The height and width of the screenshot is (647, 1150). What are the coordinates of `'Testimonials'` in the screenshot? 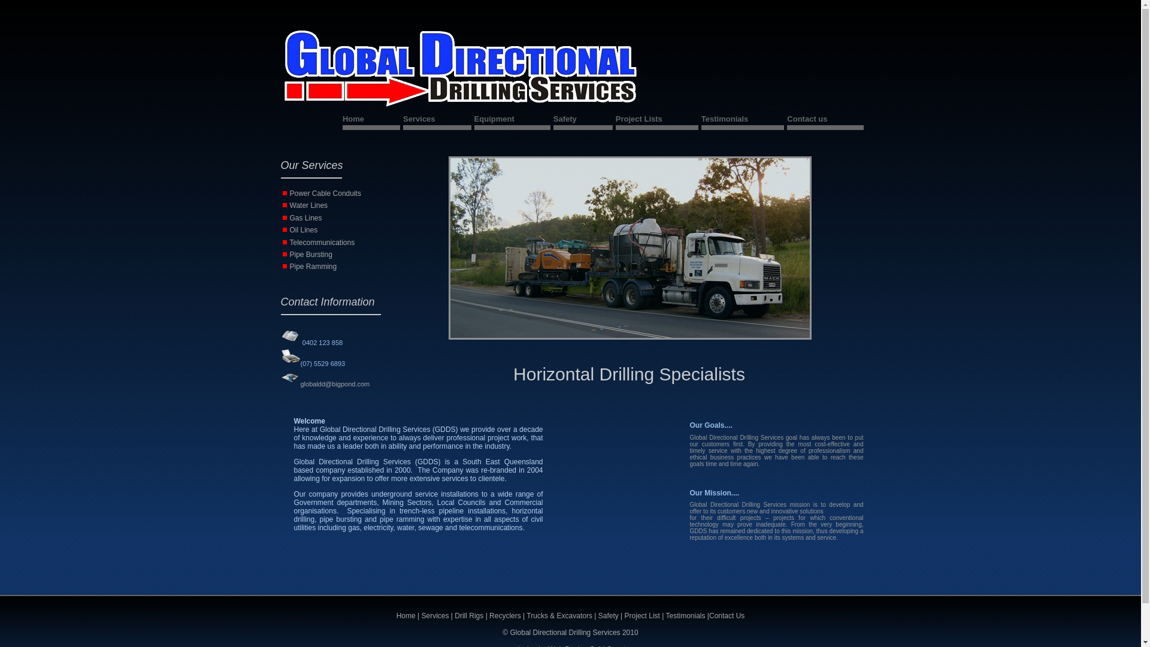 It's located at (686, 616).